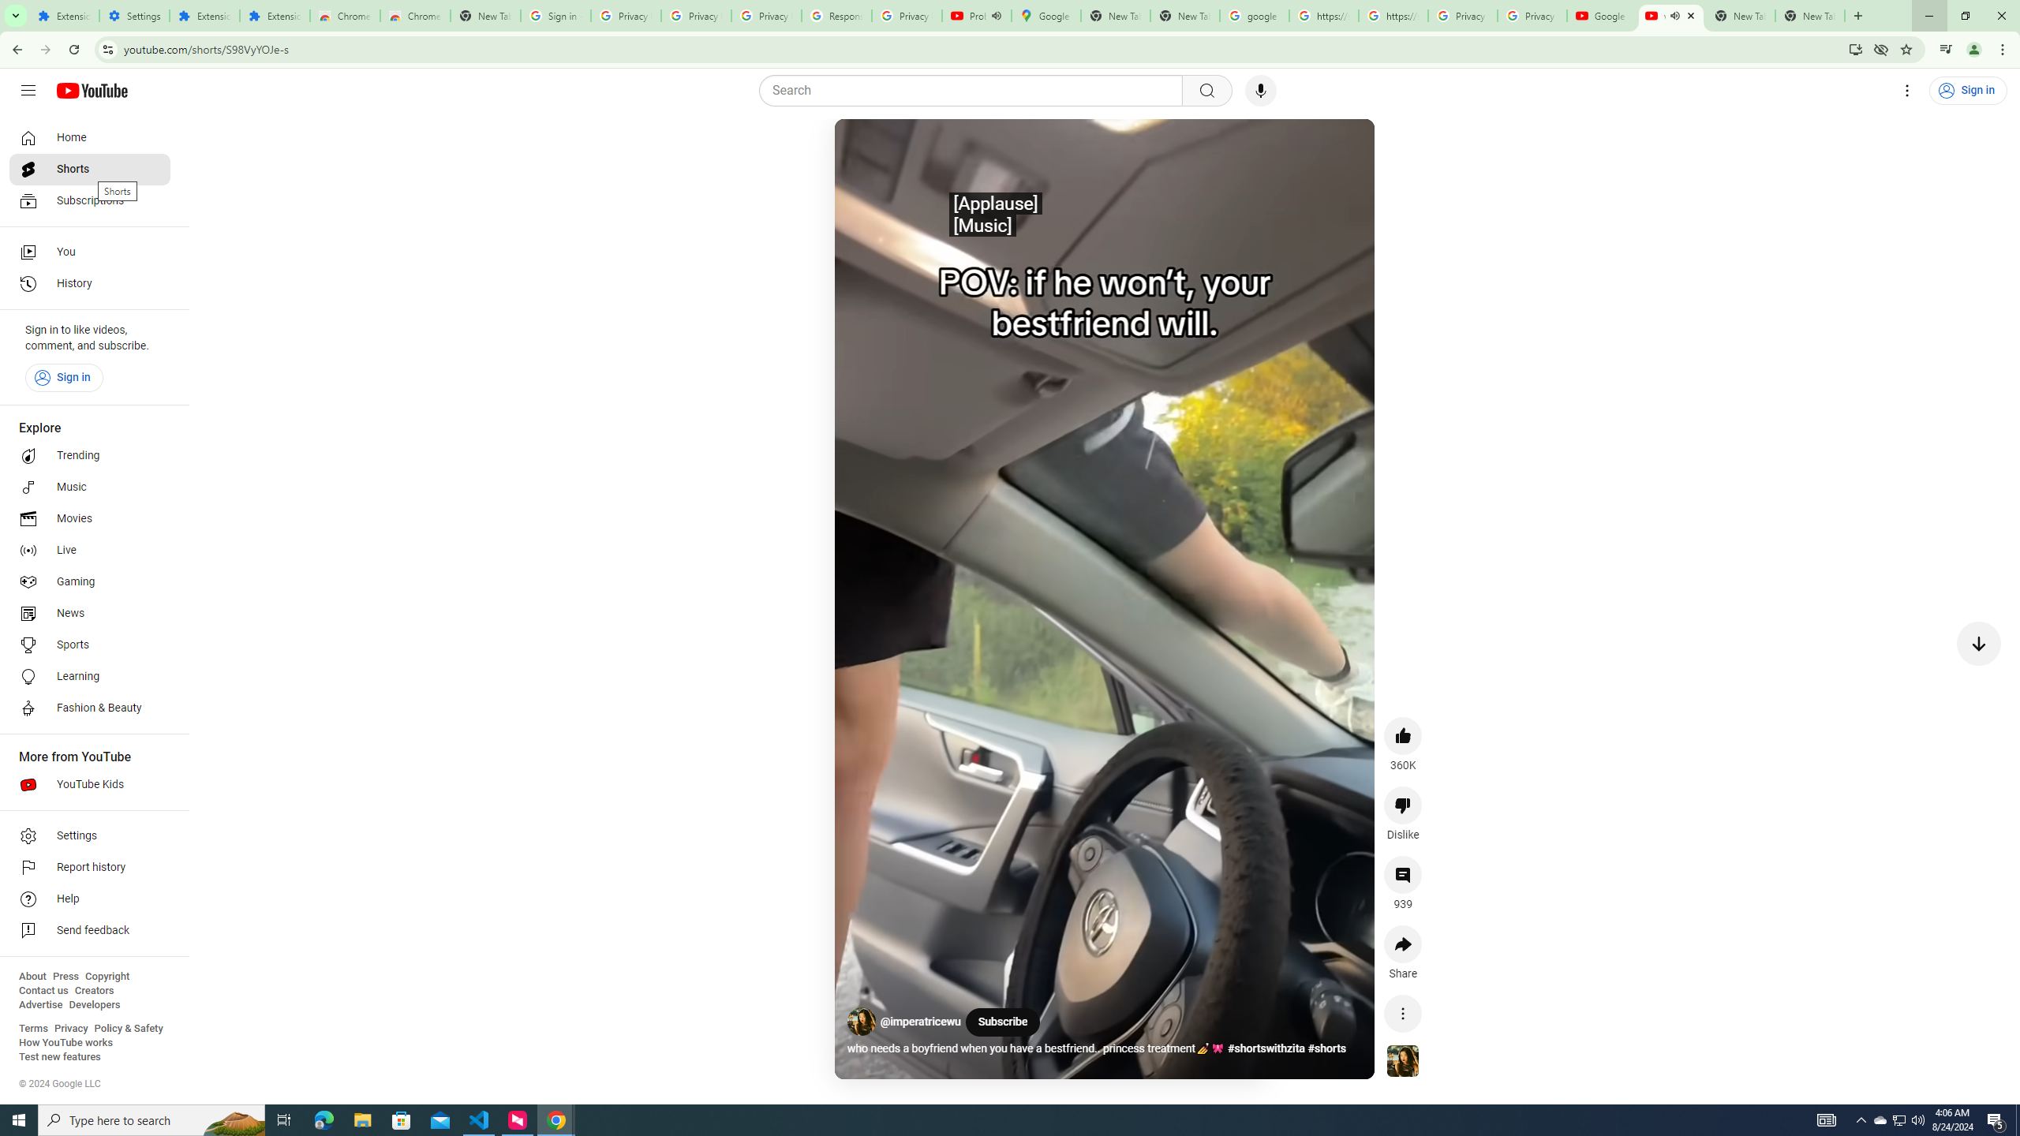 This screenshot has height=1136, width=2020. I want to click on 'Subscriptions', so click(89, 200).